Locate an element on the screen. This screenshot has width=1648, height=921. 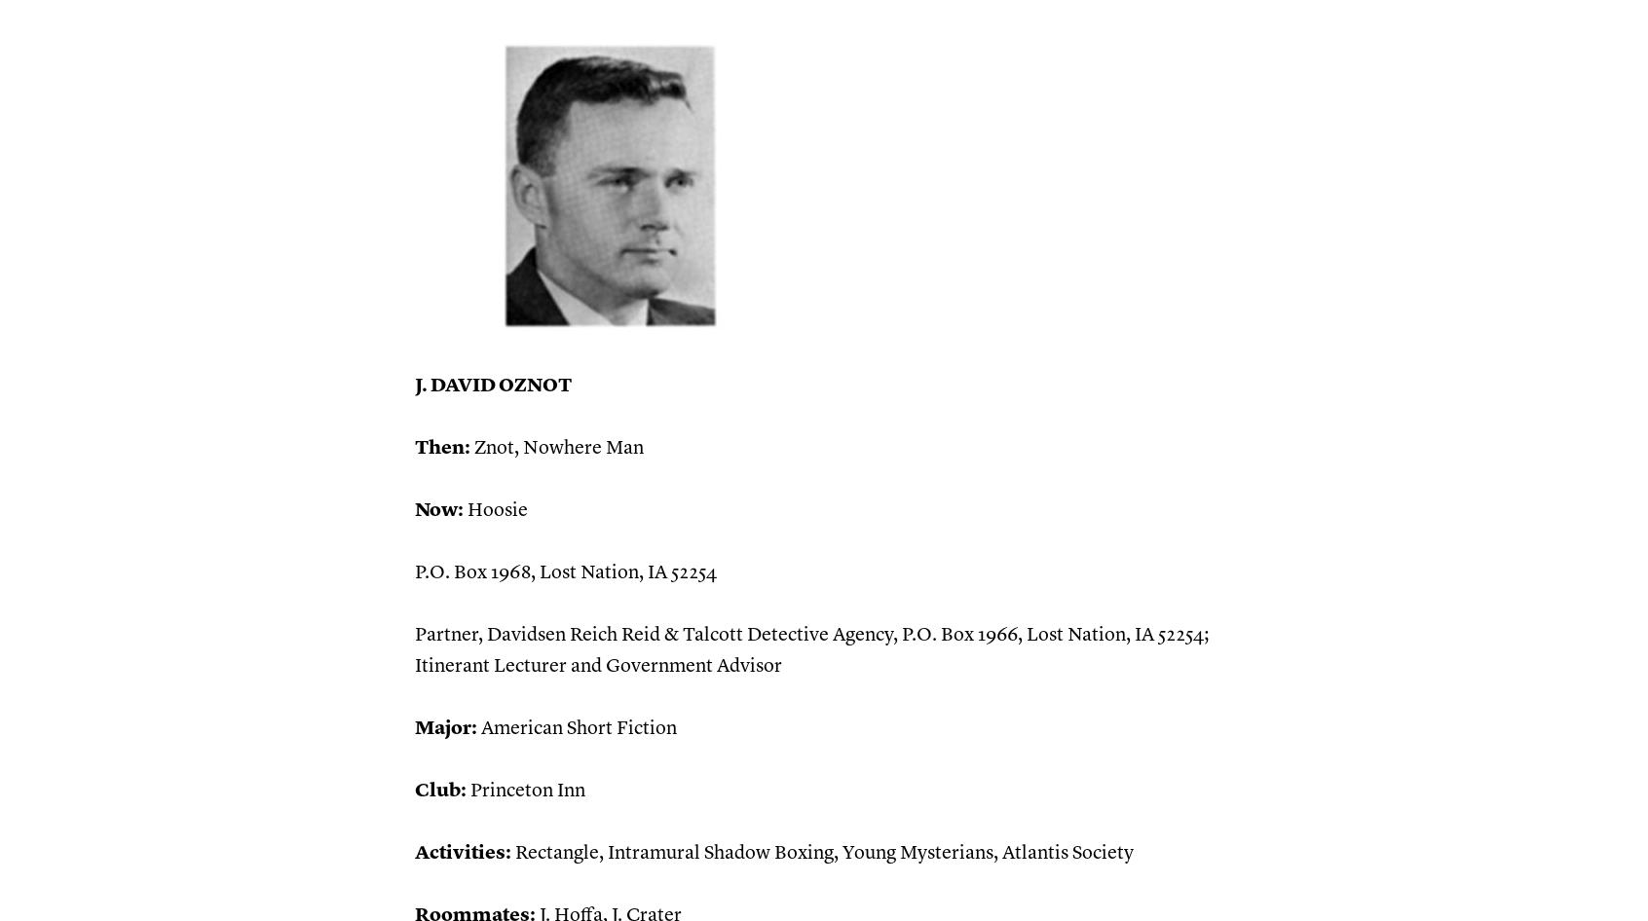
'Now:' is located at coordinates (437, 509).